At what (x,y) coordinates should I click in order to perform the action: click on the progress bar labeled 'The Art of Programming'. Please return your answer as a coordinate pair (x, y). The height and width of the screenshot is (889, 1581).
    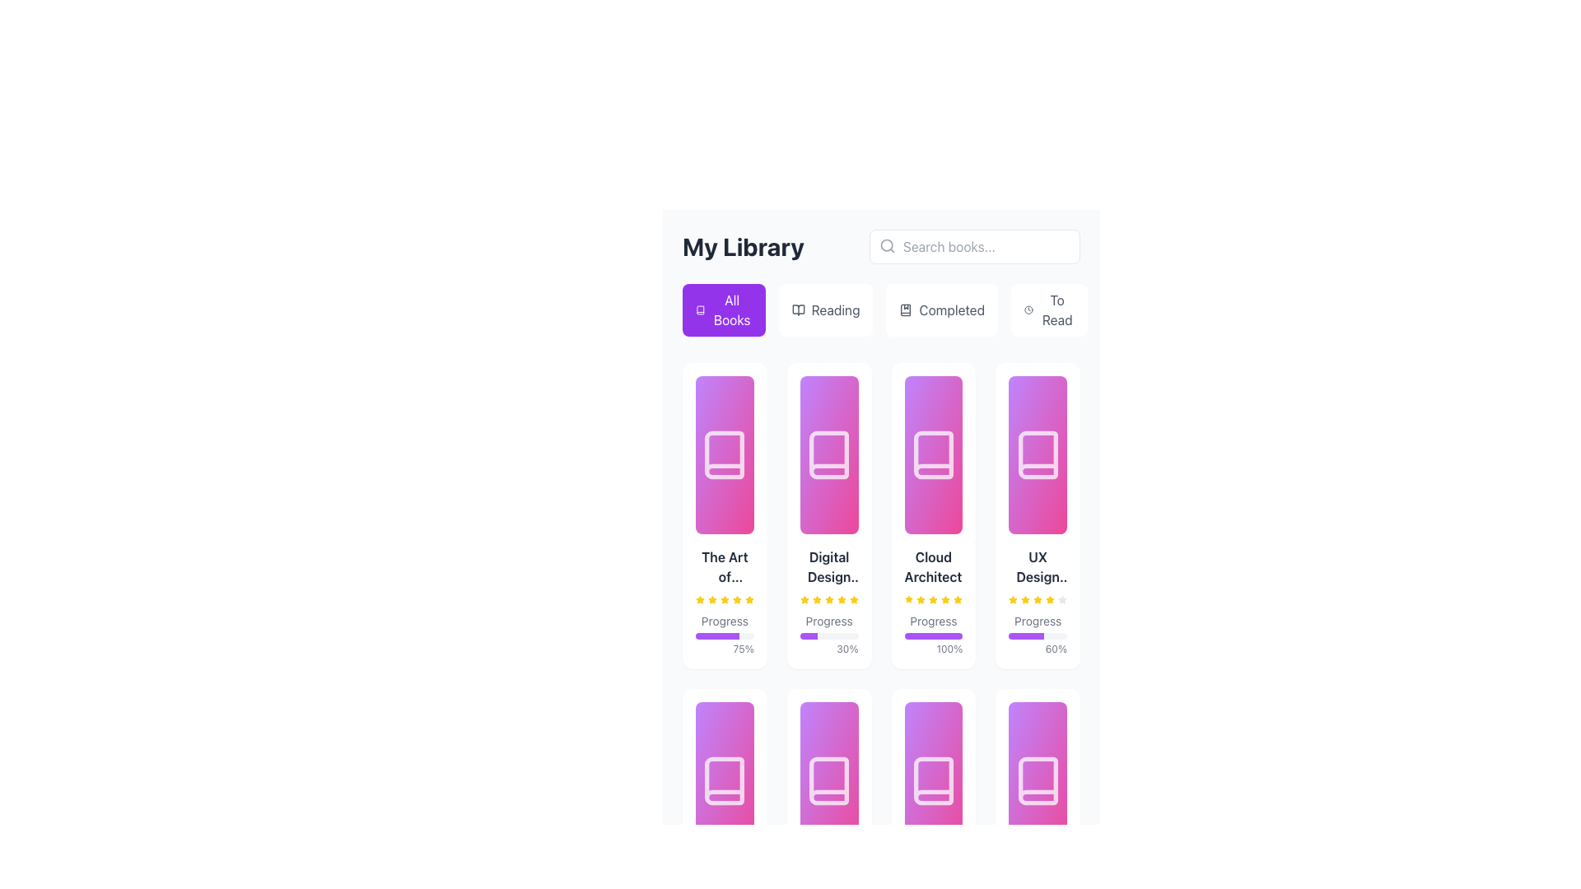
    Looking at the image, I should click on (725, 602).